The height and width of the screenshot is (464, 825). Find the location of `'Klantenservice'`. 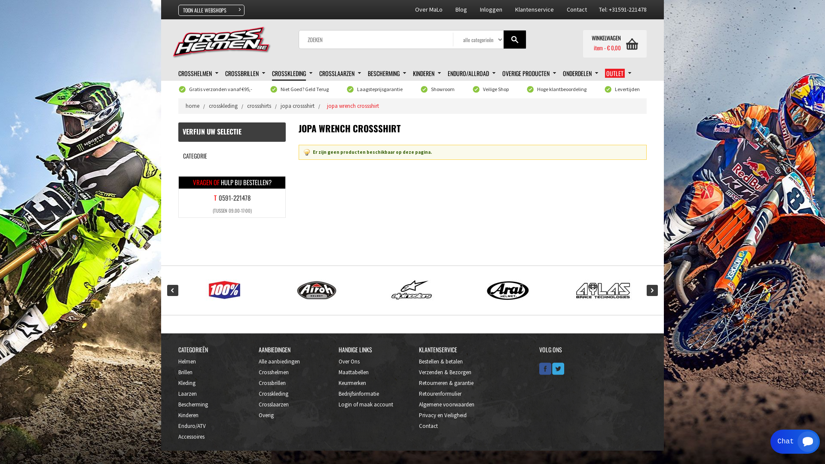

'Klantenservice' is located at coordinates (534, 9).